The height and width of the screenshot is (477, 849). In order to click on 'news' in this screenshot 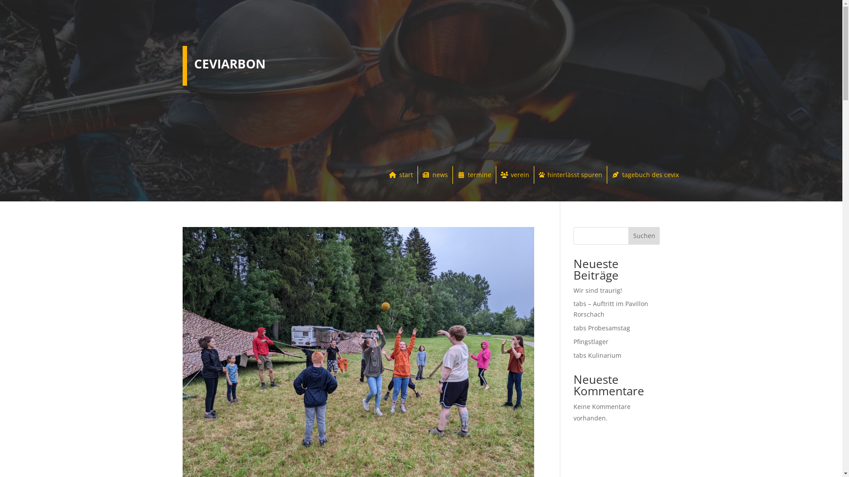, I will do `click(435, 175)`.